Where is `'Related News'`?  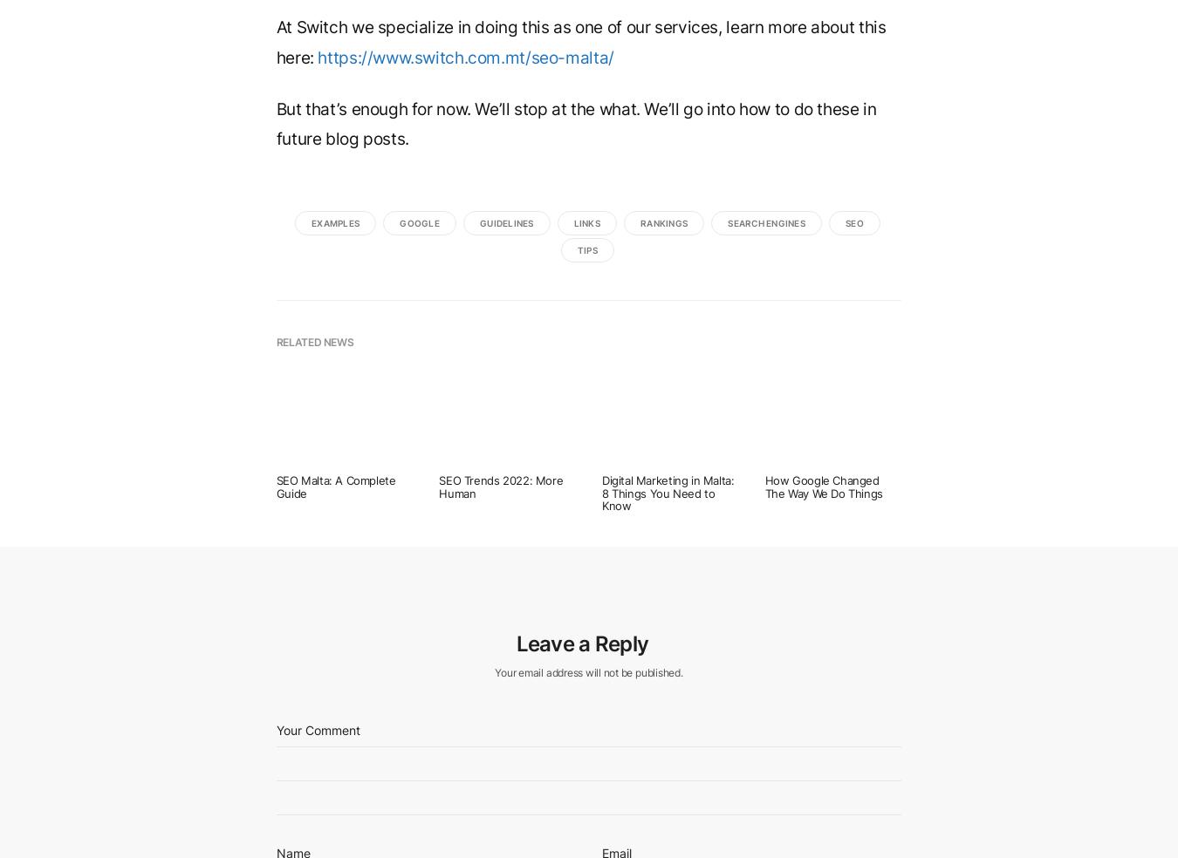 'Related News' is located at coordinates (314, 341).